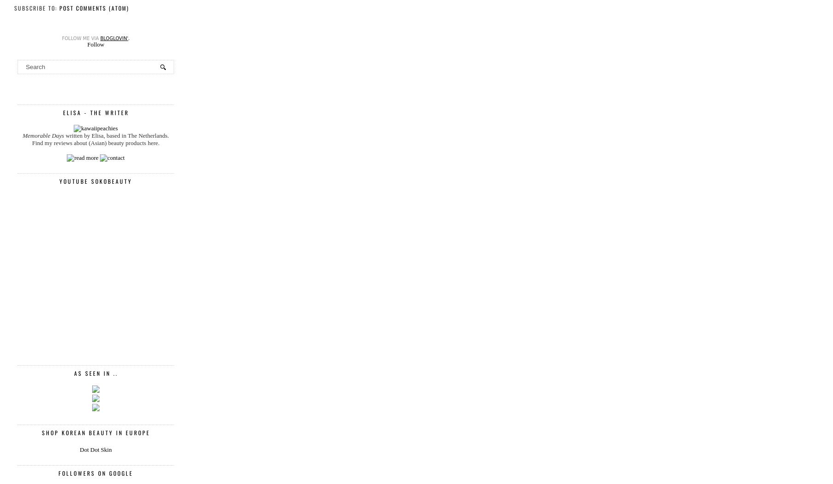 The image size is (833, 484). I want to click on 'Memorable Days', so click(43, 135).